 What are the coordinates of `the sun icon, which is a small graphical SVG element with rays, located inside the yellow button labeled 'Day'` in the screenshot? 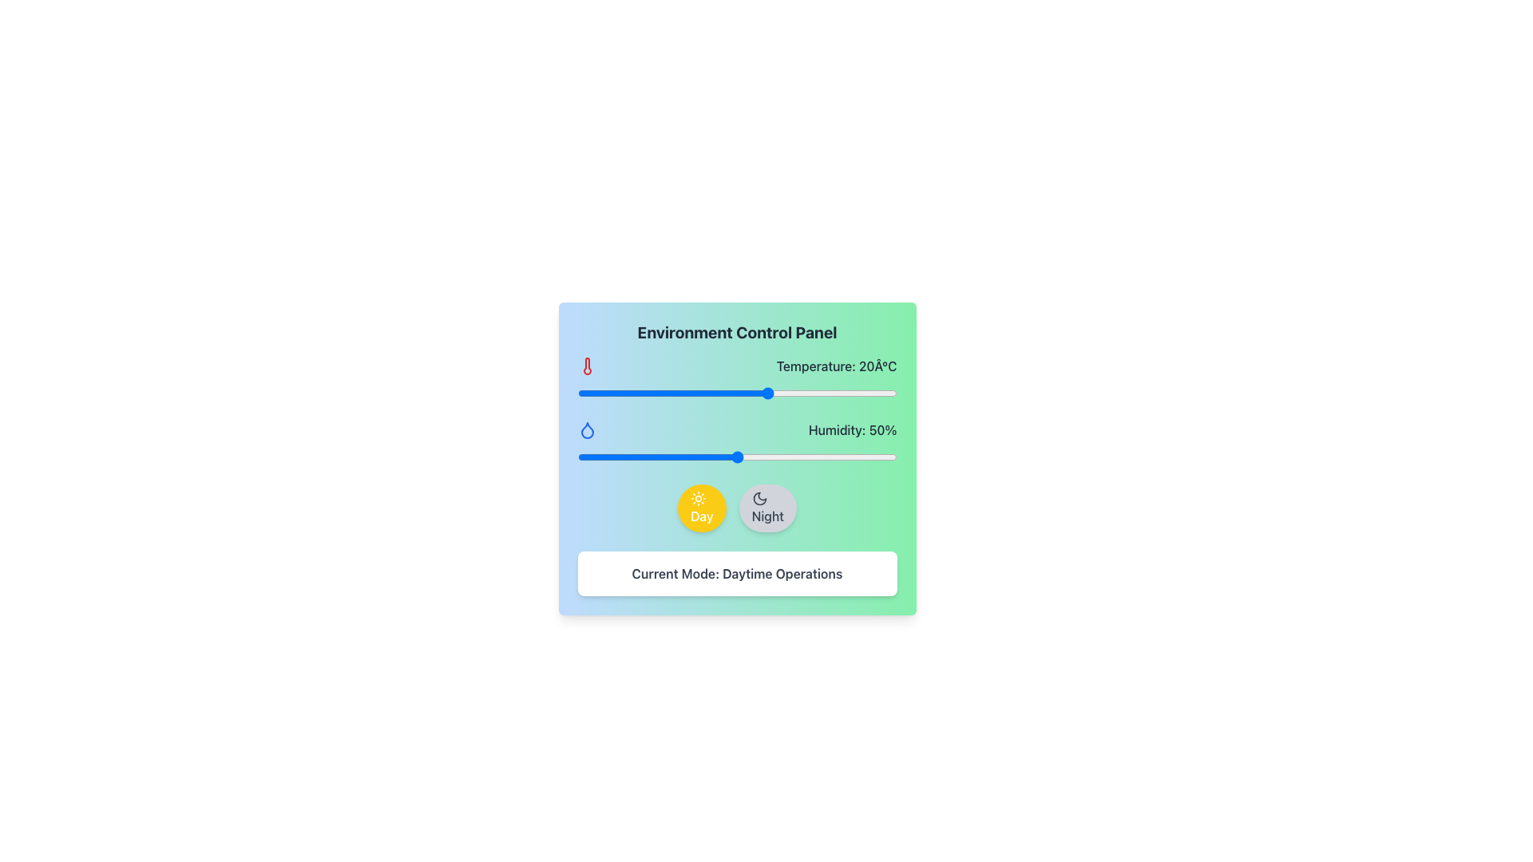 It's located at (699, 497).